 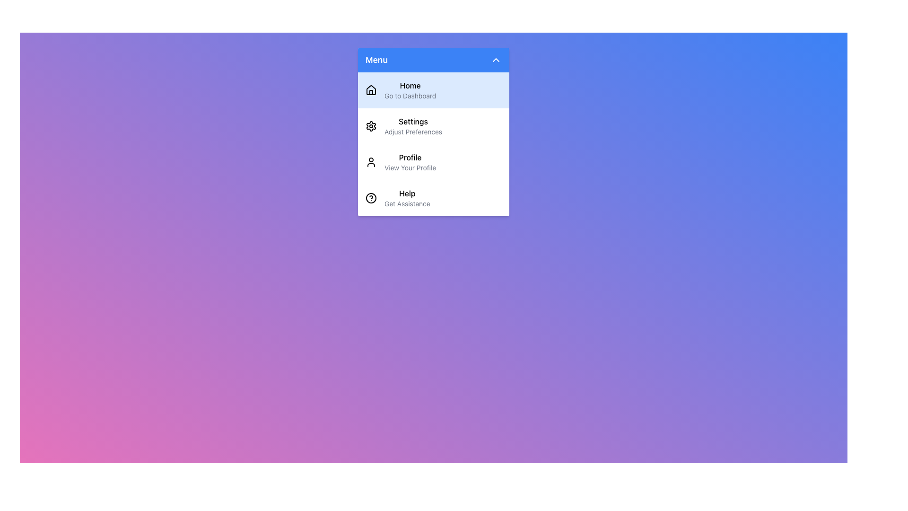 I want to click on the fourth menu item in the vertical menu panel, which provides access to the help section, so click(x=433, y=198).